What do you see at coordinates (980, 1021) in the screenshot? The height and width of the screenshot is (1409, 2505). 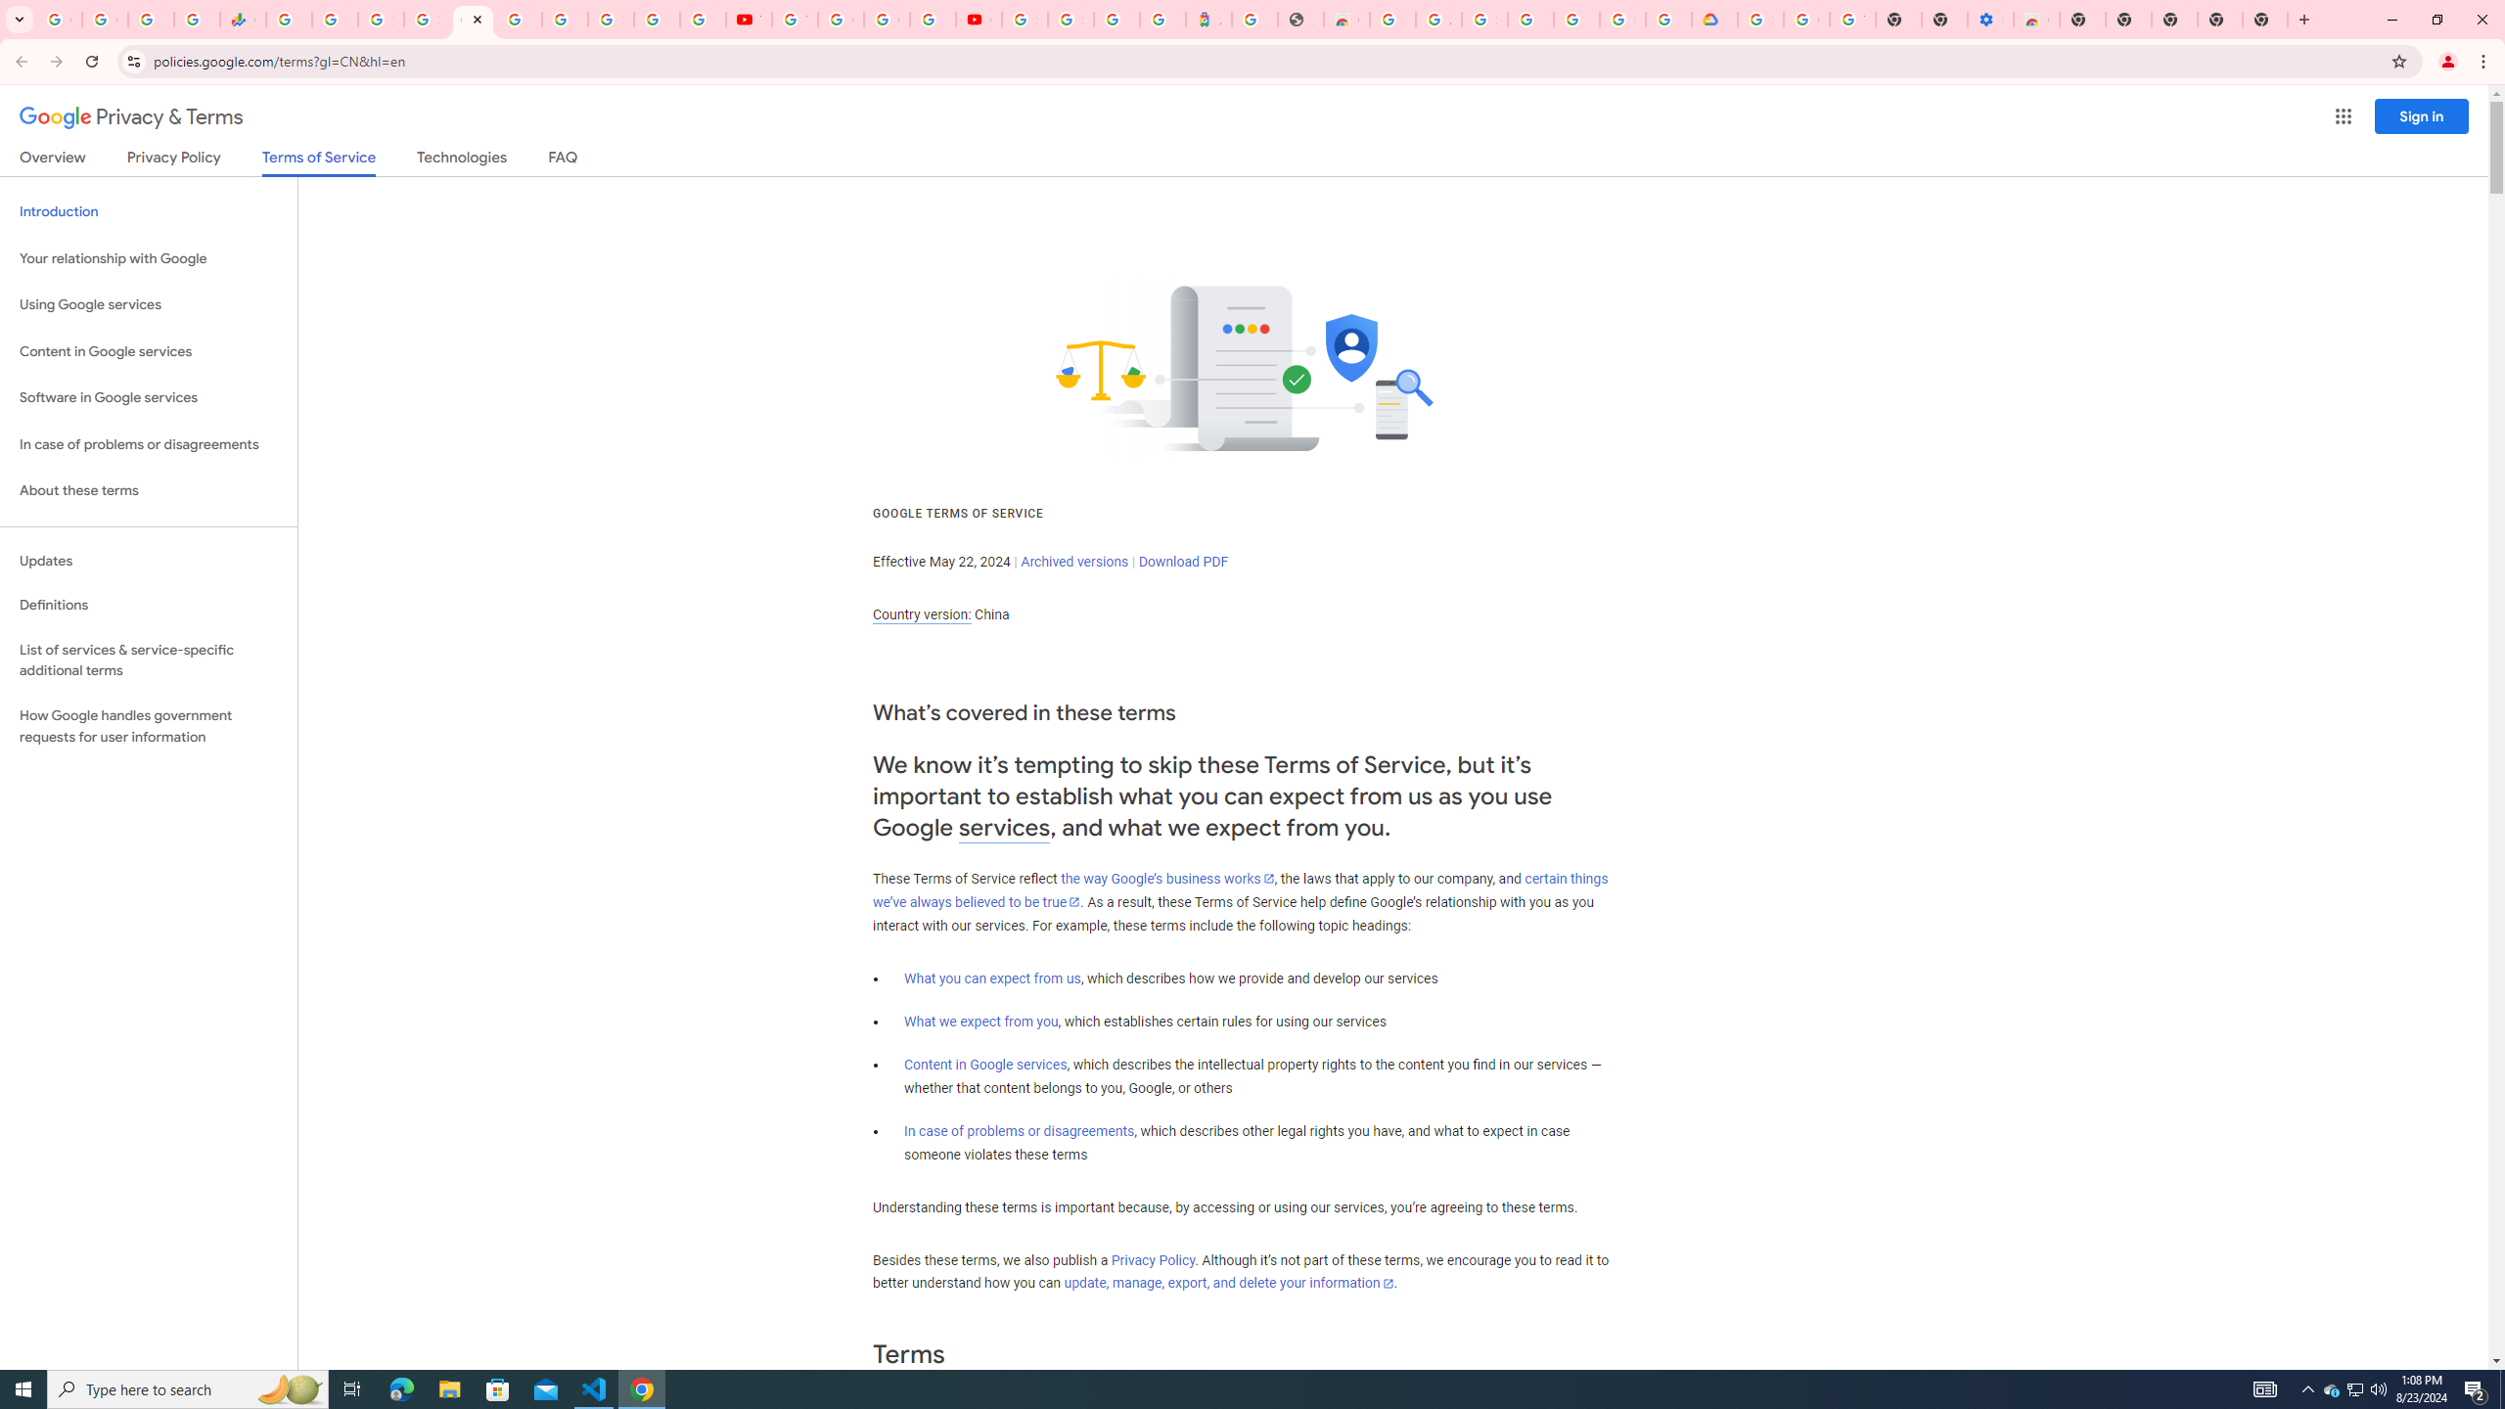 I see `'What we expect from you'` at bounding box center [980, 1021].